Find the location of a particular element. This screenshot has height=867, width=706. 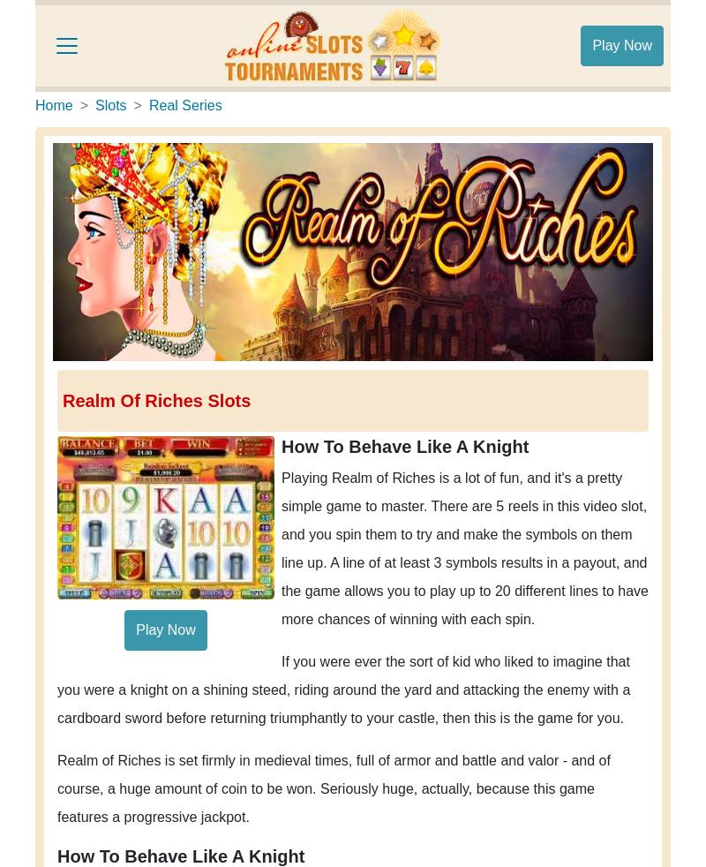

'July 25, 2023' is located at coordinates (416, 81).